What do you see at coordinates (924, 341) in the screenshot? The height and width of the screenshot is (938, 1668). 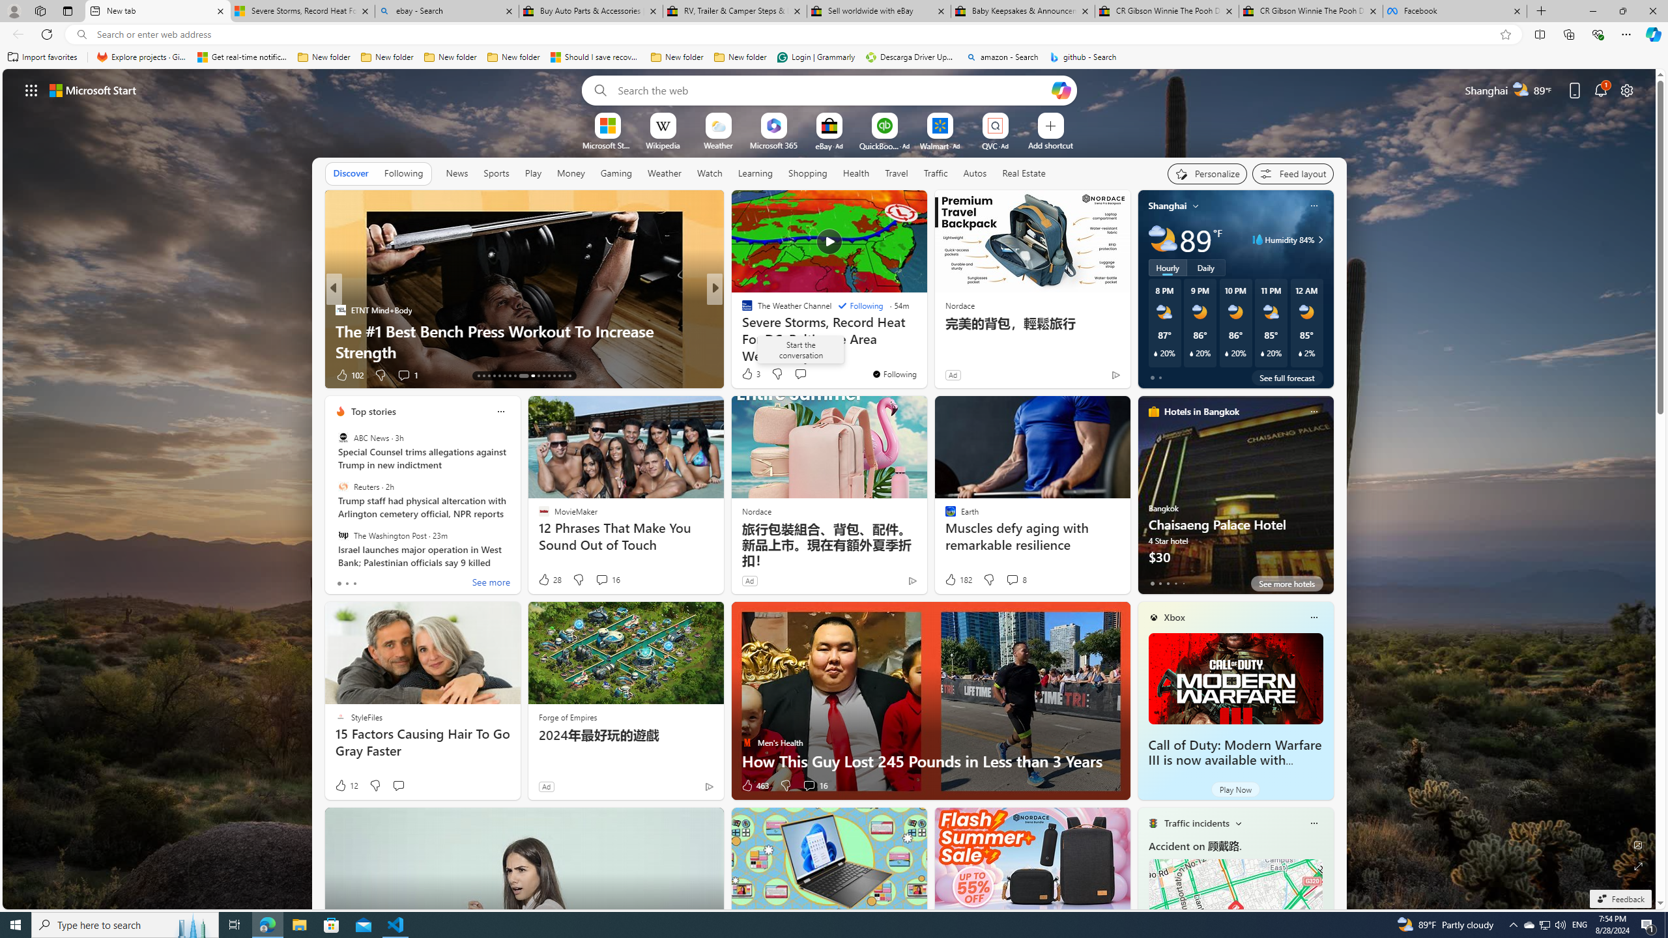 I see `'Lonely dolphin may be behind series of attacks on swimmers'` at bounding box center [924, 341].